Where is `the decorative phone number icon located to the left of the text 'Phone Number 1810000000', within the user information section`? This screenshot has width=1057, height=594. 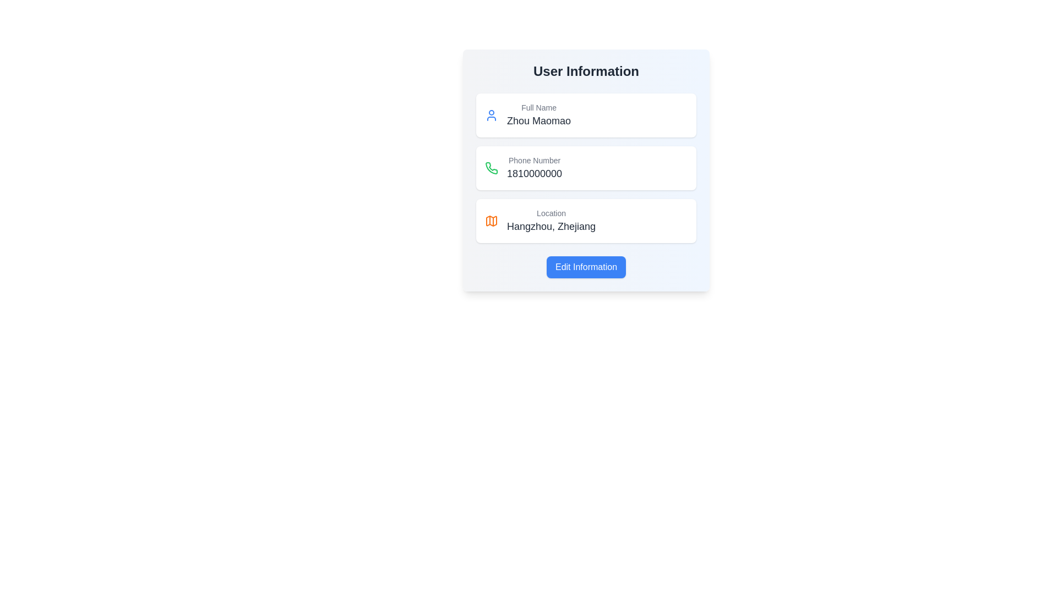 the decorative phone number icon located to the left of the text 'Phone Number 1810000000', within the user information section is located at coordinates (491, 168).